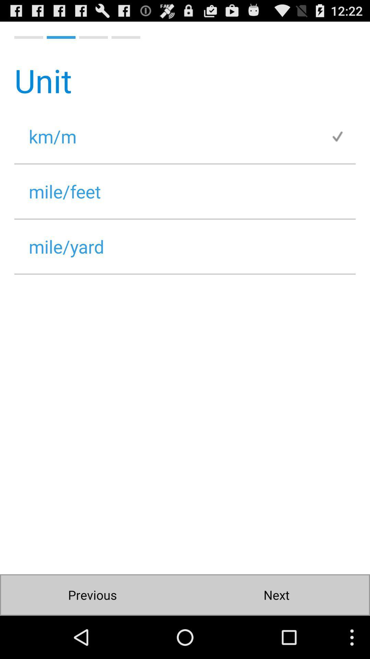 Image resolution: width=370 pixels, height=659 pixels. I want to click on icon below unit item, so click(172, 136).